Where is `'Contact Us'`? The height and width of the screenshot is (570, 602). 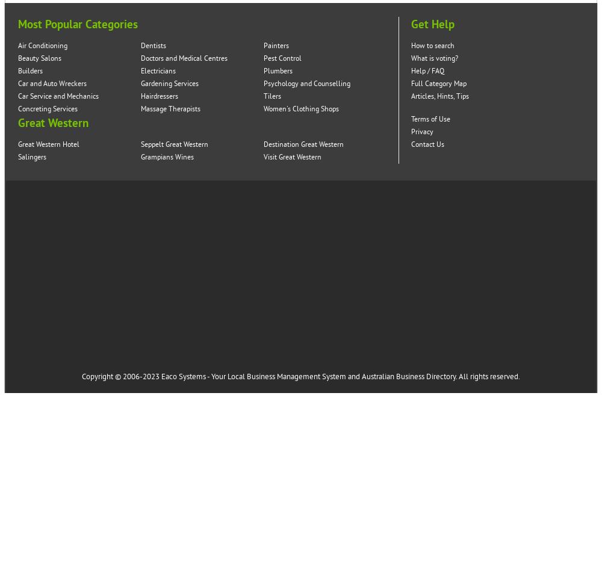
'Contact Us' is located at coordinates (427, 144).